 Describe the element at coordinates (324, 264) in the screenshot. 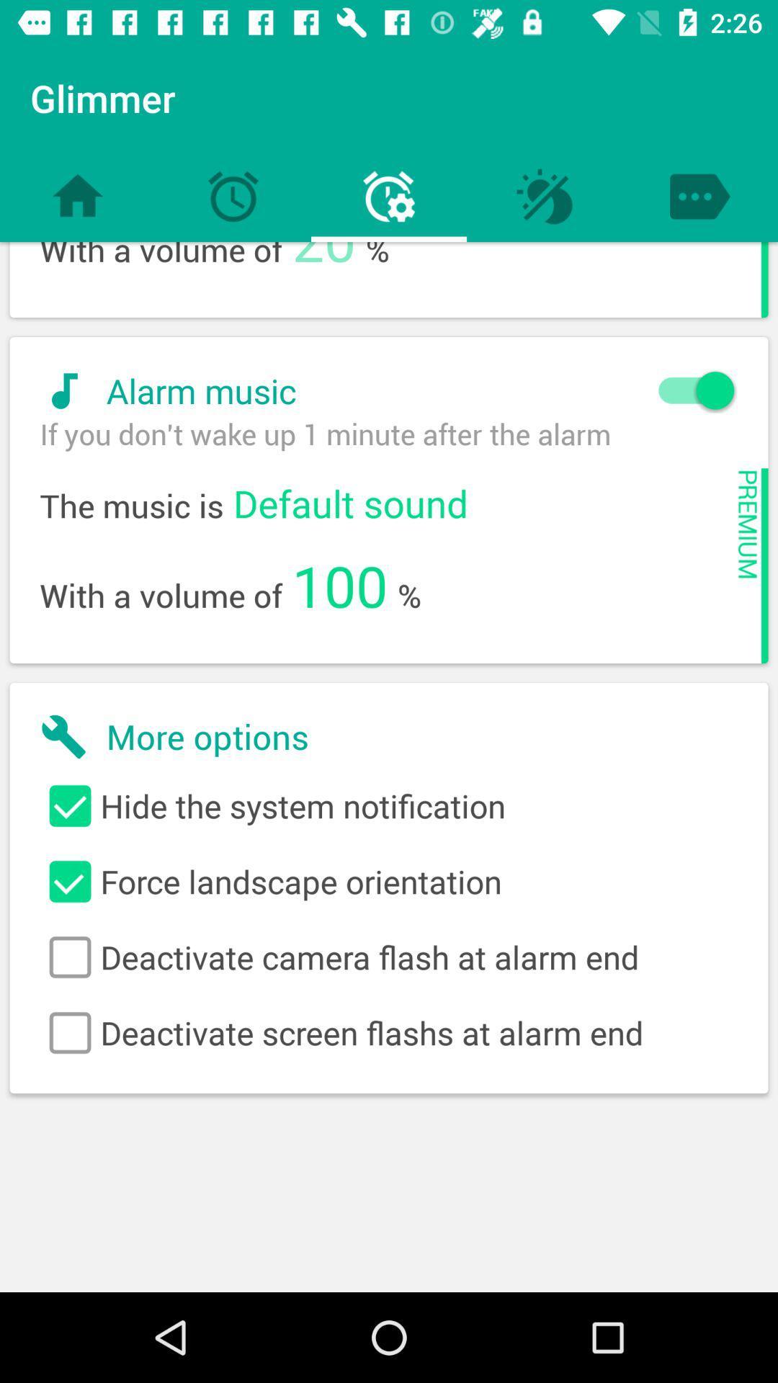

I see `the icon above alarm music icon` at that location.